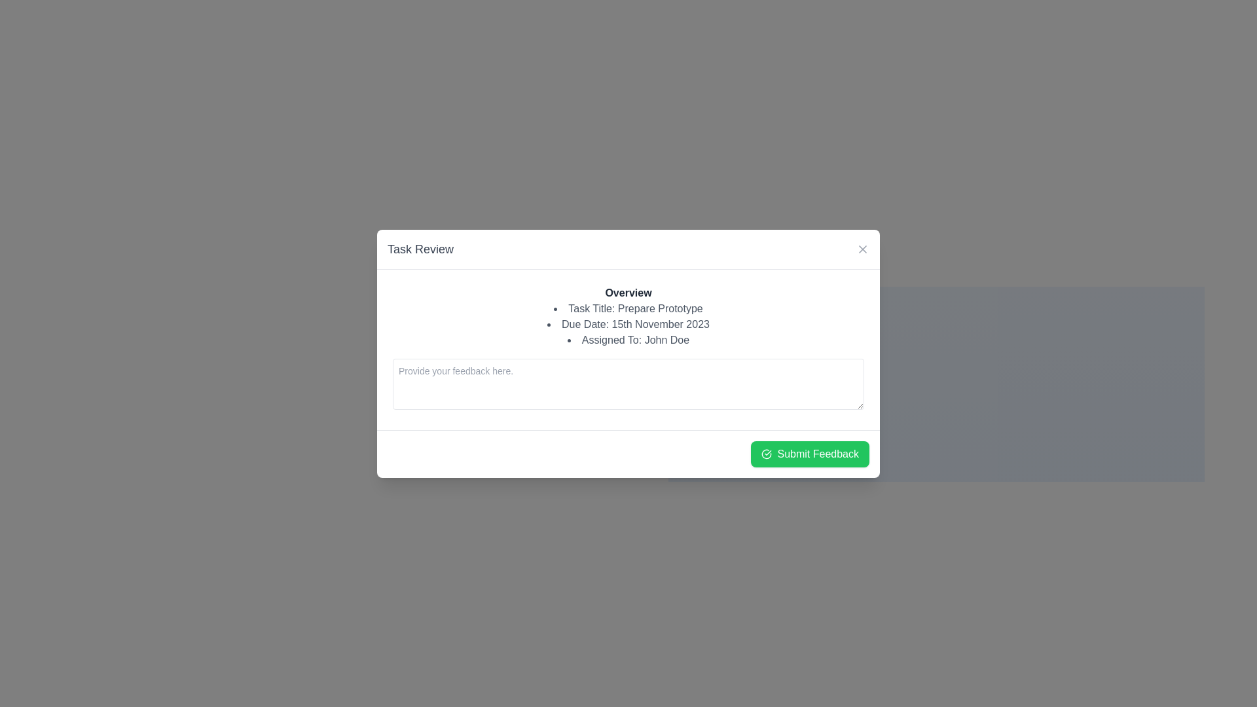 This screenshot has height=707, width=1257. What do you see at coordinates (628, 323) in the screenshot?
I see `the informational text label displaying the due date for the task 'Prepare Prototype' in the centered modal under the 'Overview' section` at bounding box center [628, 323].